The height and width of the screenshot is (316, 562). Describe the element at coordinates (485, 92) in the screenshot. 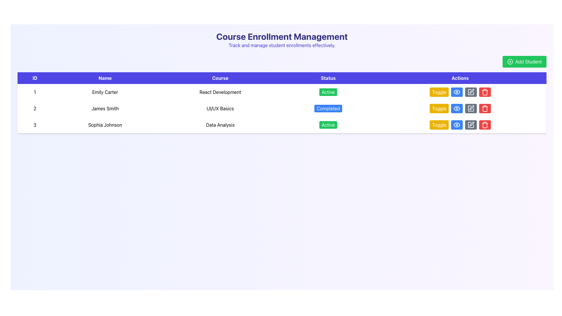

I see `the trash icon delete button located in the 'Actions' column of the table for the student record of Sophia Johnson` at that location.